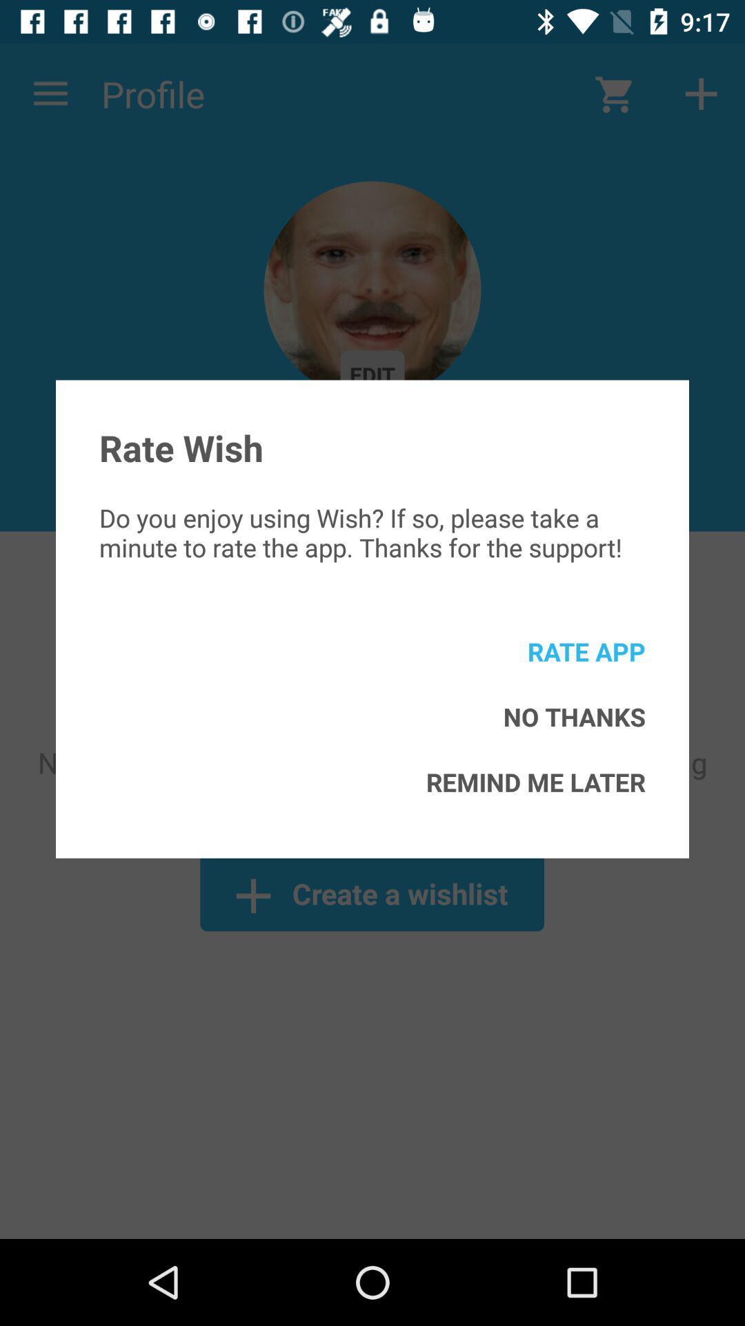  What do you see at coordinates (574, 716) in the screenshot?
I see `the no thanks icon` at bounding box center [574, 716].